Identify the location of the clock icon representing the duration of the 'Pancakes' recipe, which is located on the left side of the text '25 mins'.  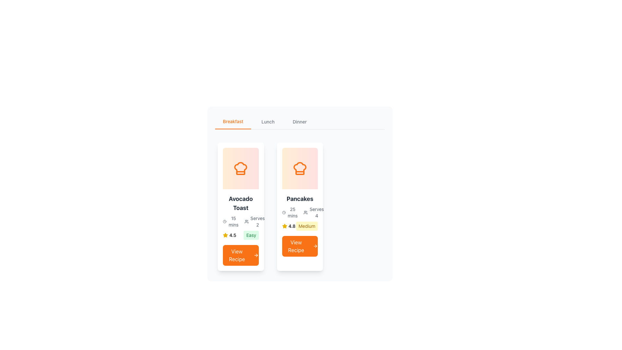
(284, 212).